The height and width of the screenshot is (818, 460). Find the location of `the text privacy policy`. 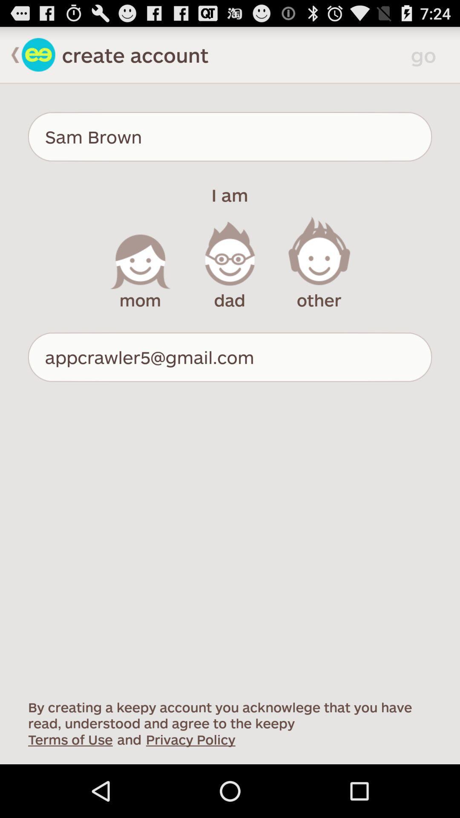

the text privacy policy is located at coordinates (190, 738).